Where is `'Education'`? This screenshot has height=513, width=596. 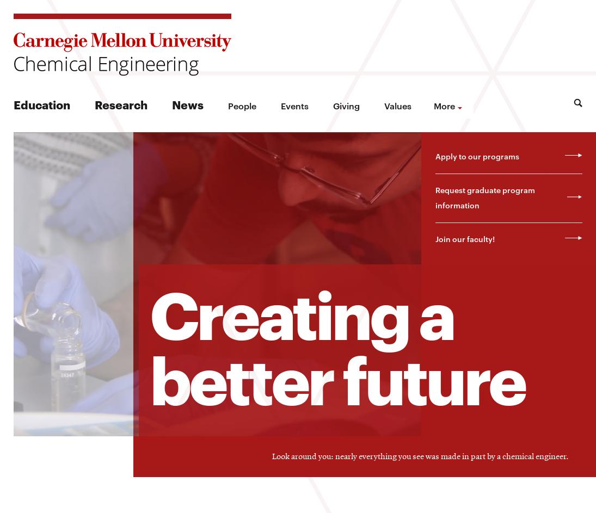 'Education' is located at coordinates (41, 103).